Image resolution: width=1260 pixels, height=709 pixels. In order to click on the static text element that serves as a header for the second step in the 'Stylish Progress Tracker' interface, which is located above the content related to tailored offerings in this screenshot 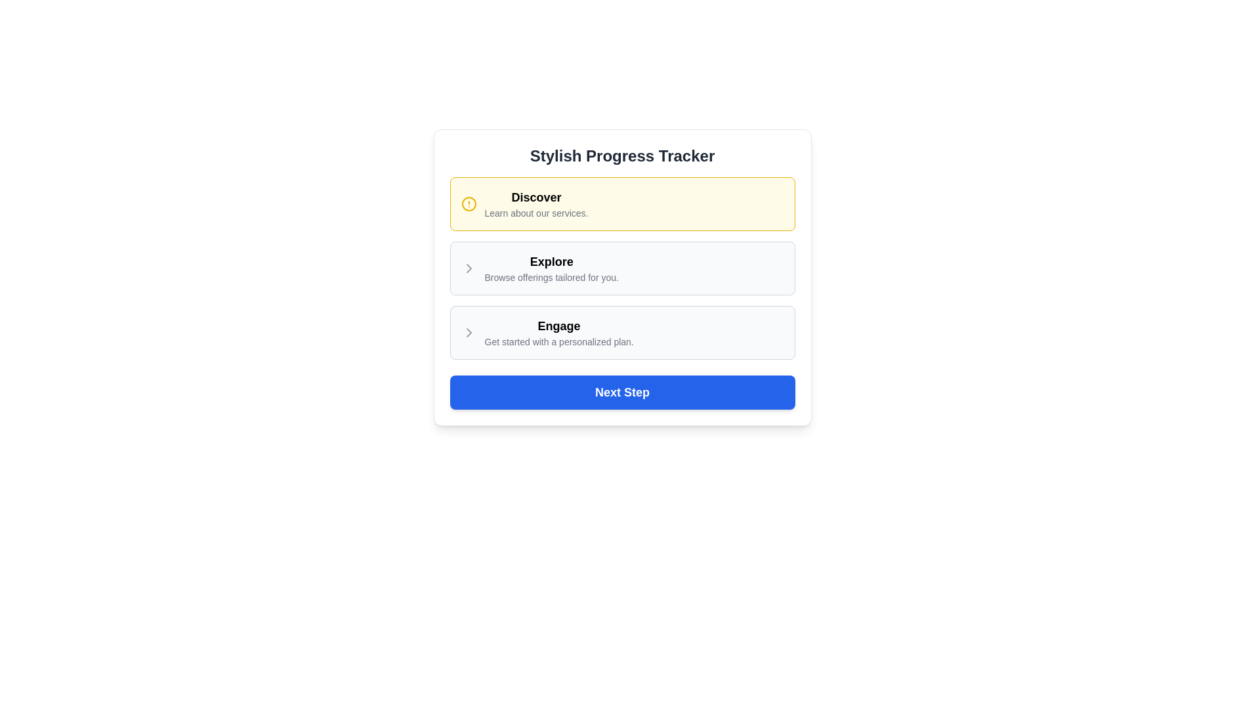, I will do `click(551, 261)`.